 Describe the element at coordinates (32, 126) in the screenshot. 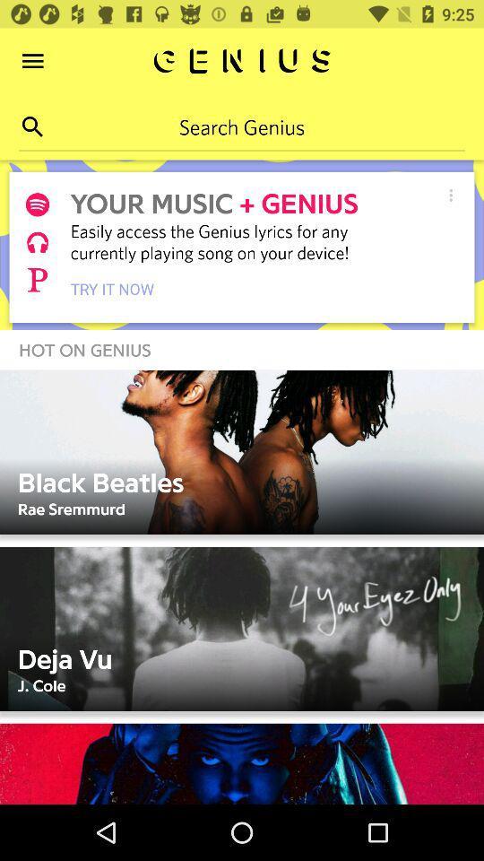

I see `search` at that location.